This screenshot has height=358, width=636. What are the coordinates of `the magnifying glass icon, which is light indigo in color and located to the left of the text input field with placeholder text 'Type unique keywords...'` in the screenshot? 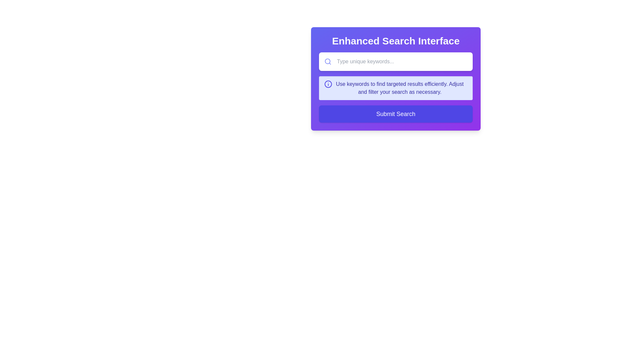 It's located at (328, 61).